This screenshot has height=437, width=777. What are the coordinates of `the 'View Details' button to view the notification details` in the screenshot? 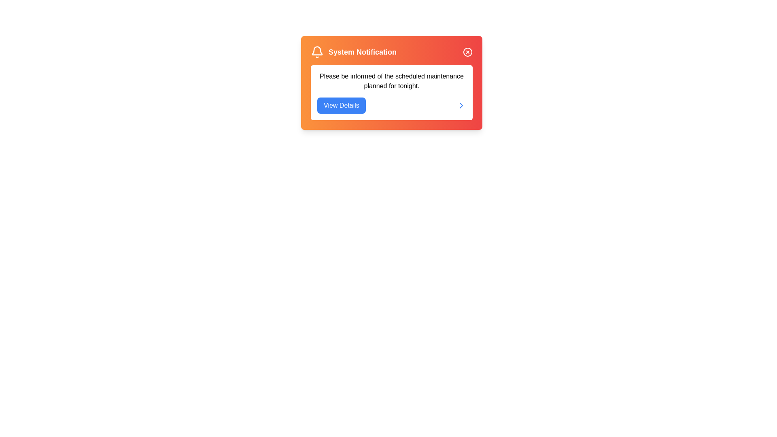 It's located at (341, 105).